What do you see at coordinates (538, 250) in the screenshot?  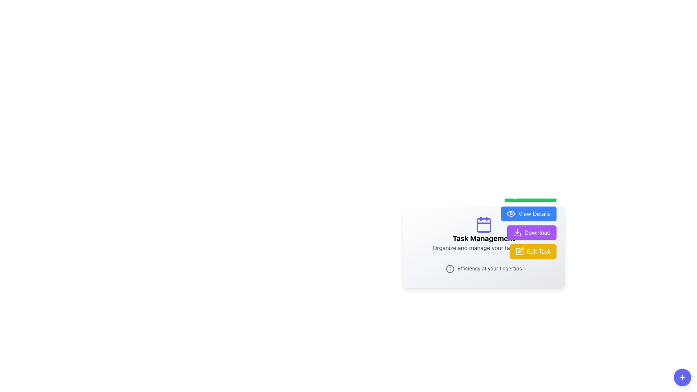 I see `the 'Edit Task' text label integrated into a yellow button to invoke the edit action` at bounding box center [538, 250].